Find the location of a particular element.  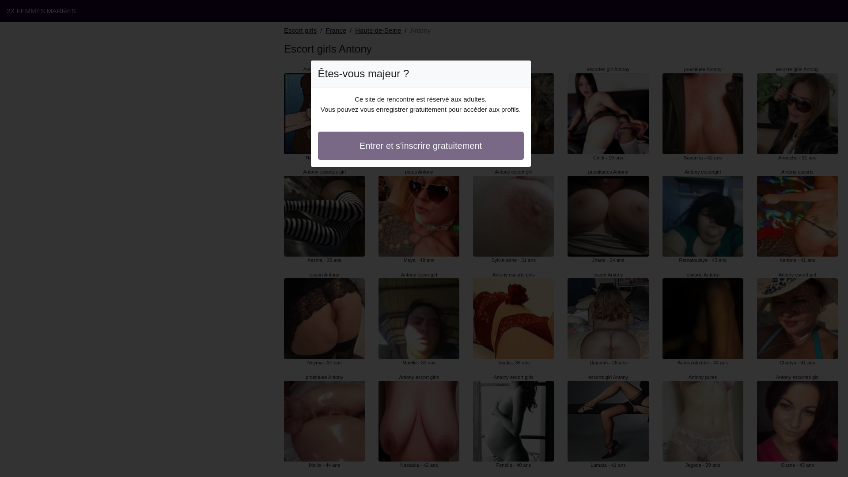

'Entrer et s'inscrire gratuitement' is located at coordinates (420, 145).